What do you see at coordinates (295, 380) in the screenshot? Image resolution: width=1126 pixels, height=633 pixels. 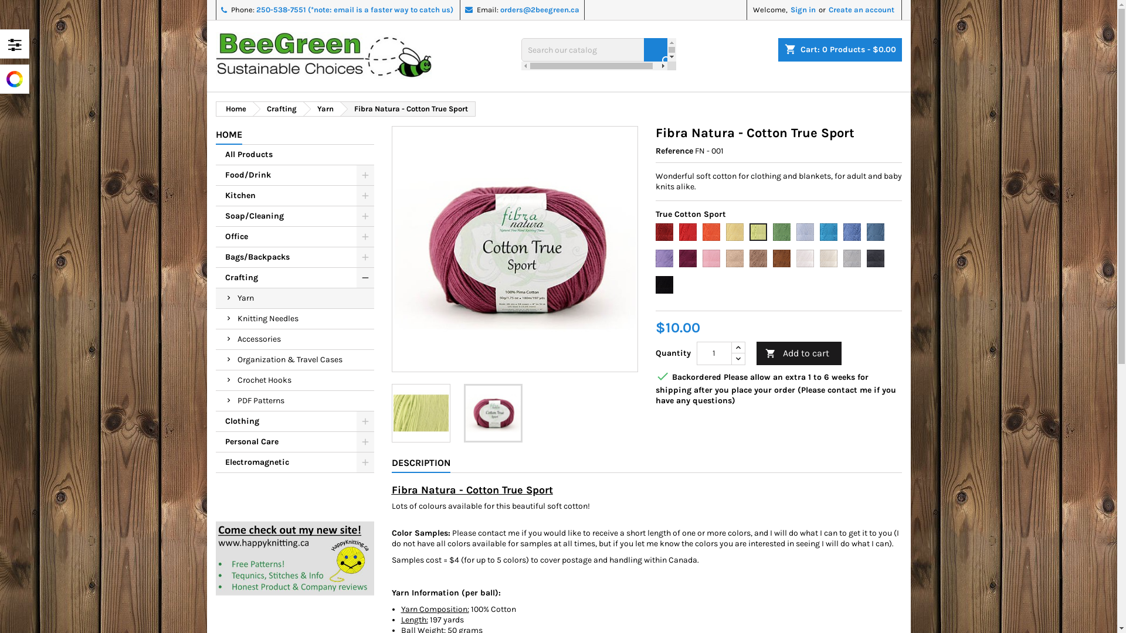 I see `'Crochet Hooks'` at bounding box center [295, 380].